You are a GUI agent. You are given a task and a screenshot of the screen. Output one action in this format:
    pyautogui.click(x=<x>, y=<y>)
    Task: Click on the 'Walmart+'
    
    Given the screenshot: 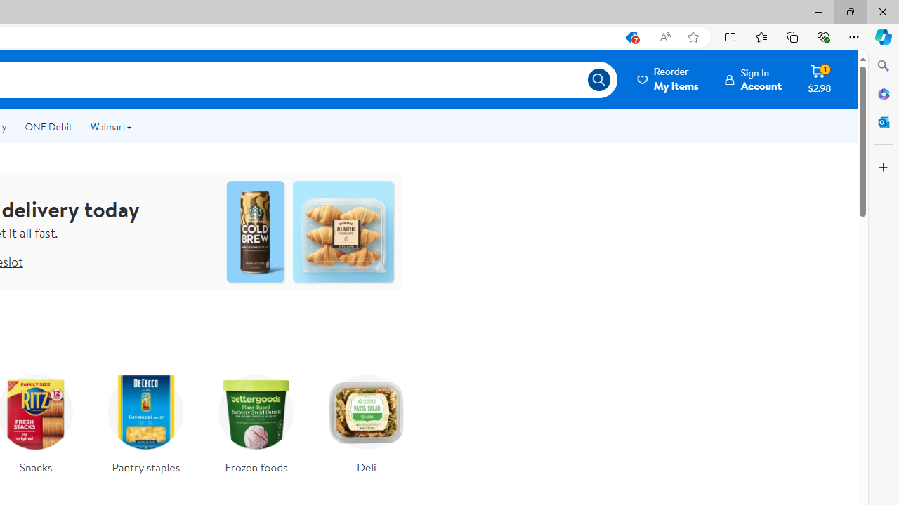 What is the action you would take?
    pyautogui.click(x=110, y=127)
    